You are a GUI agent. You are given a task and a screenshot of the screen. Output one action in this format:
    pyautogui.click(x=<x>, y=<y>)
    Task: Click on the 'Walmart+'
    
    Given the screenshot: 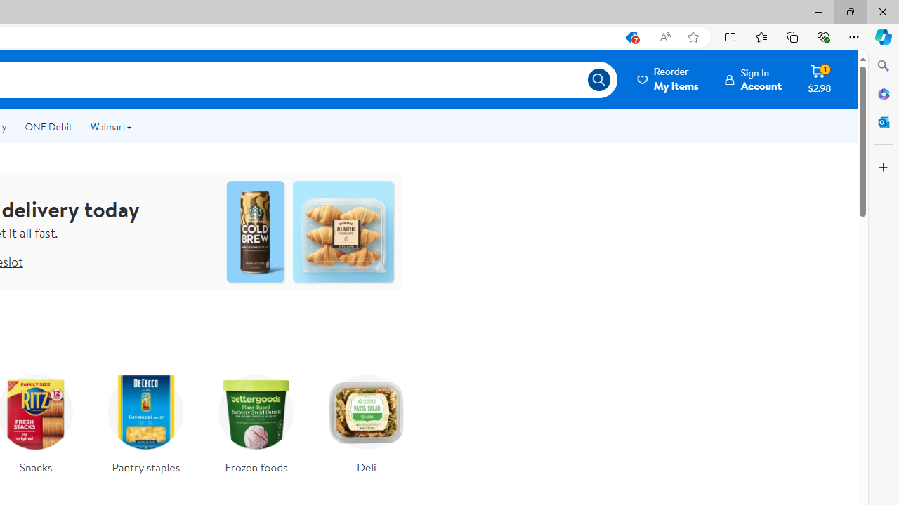 What is the action you would take?
    pyautogui.click(x=110, y=127)
    